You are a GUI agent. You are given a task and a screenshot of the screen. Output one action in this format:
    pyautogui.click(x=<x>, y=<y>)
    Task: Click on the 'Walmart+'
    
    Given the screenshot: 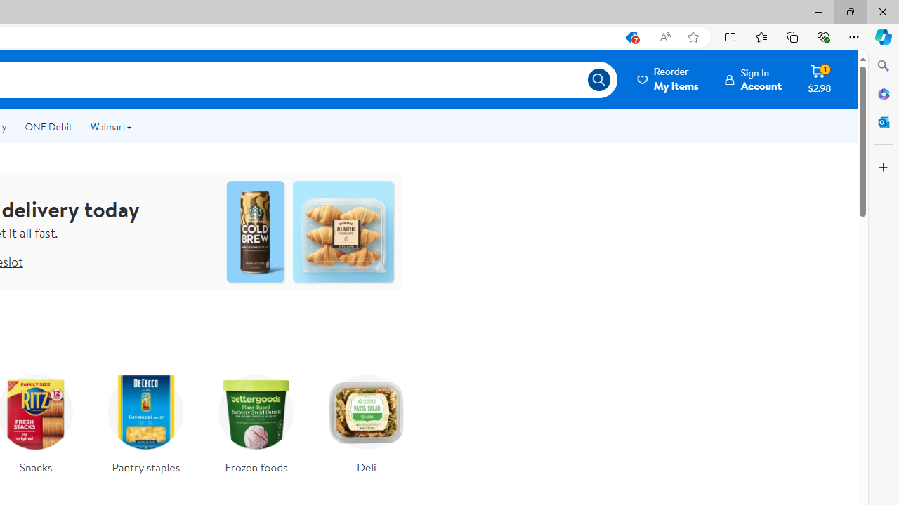 What is the action you would take?
    pyautogui.click(x=110, y=127)
    